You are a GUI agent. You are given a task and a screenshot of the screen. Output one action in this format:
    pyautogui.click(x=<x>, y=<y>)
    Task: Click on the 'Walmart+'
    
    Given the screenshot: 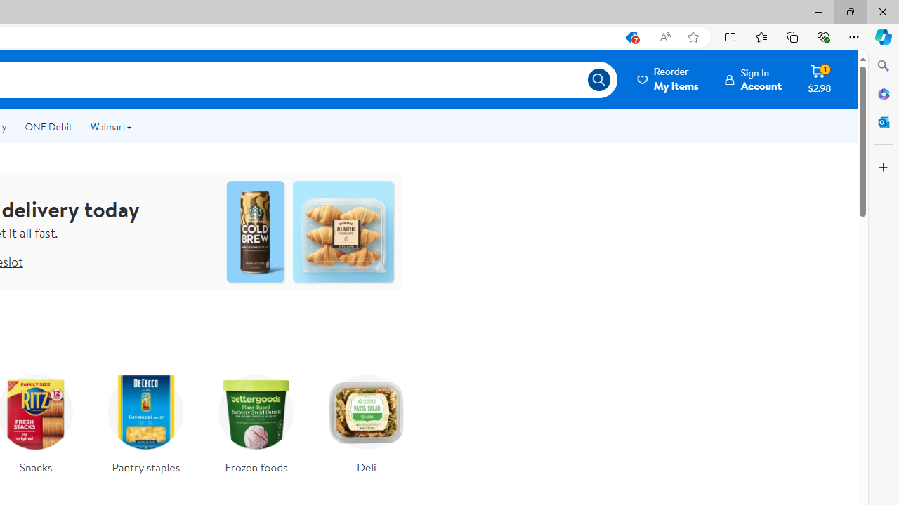 What is the action you would take?
    pyautogui.click(x=110, y=127)
    